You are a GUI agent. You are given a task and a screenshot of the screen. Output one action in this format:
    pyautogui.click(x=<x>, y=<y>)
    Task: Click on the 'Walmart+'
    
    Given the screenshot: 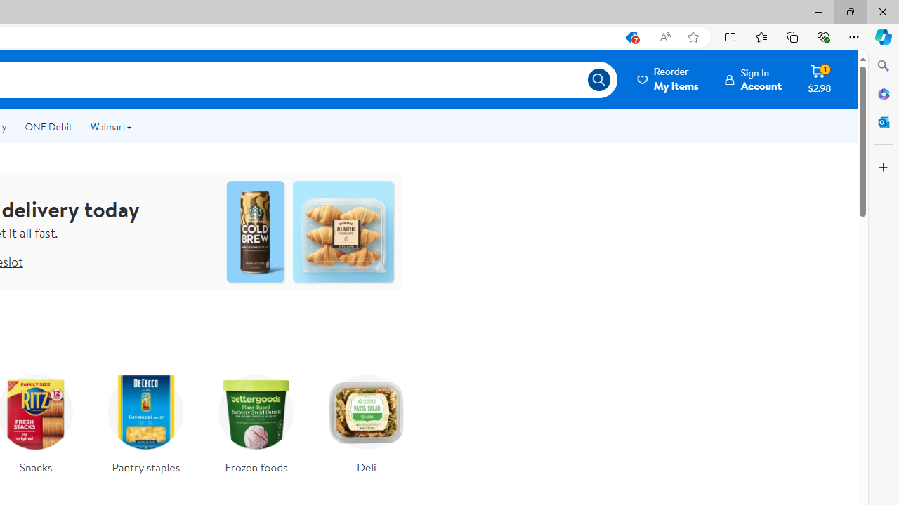 What is the action you would take?
    pyautogui.click(x=110, y=127)
    